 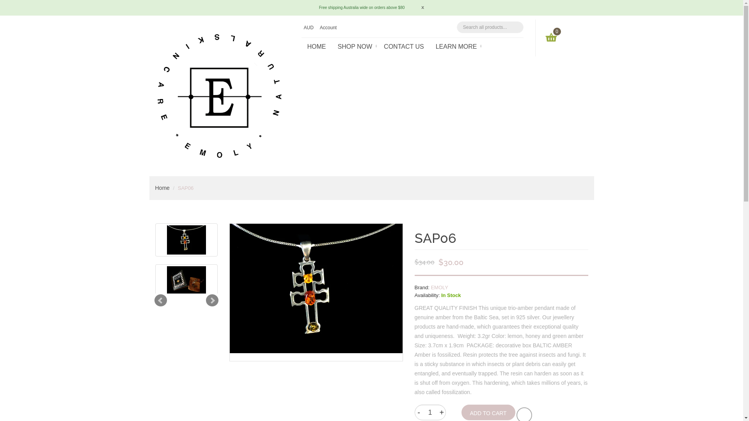 What do you see at coordinates (329, 27) in the screenshot?
I see `'Account'` at bounding box center [329, 27].